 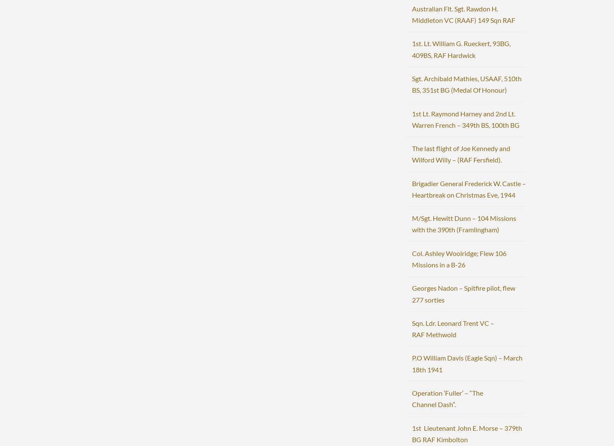 What do you see at coordinates (468, 188) in the screenshot?
I see `'Brigadier General Frederick W. Castle – Heartbreak on Christmas Eve, 1944'` at bounding box center [468, 188].